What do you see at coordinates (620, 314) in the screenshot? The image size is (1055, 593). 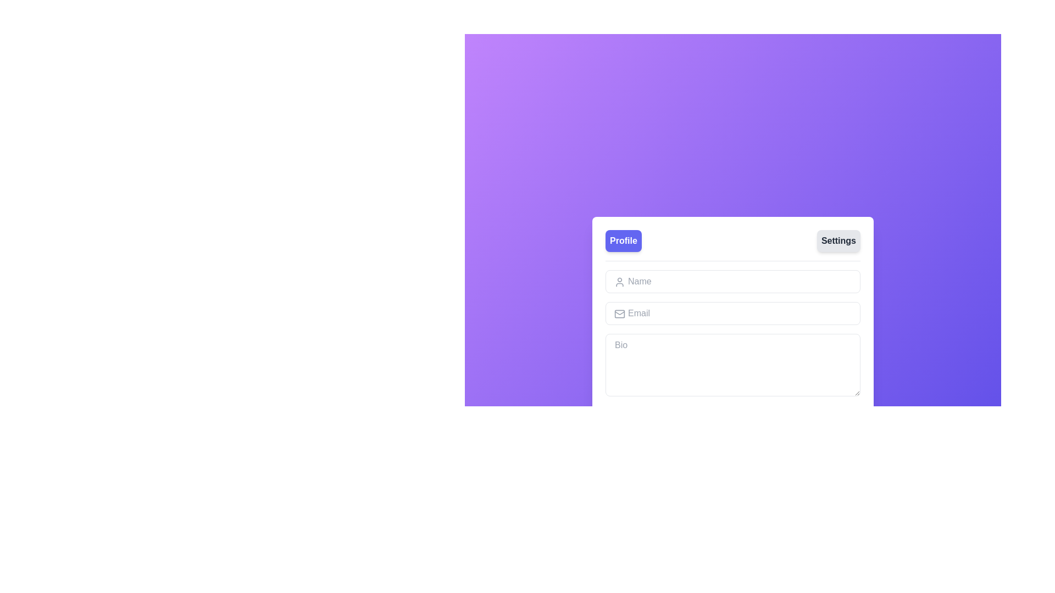 I see `the small envelope icon located on the left side of the 'Email' input field, which is styled with thin lines and a gray color tone` at bounding box center [620, 314].